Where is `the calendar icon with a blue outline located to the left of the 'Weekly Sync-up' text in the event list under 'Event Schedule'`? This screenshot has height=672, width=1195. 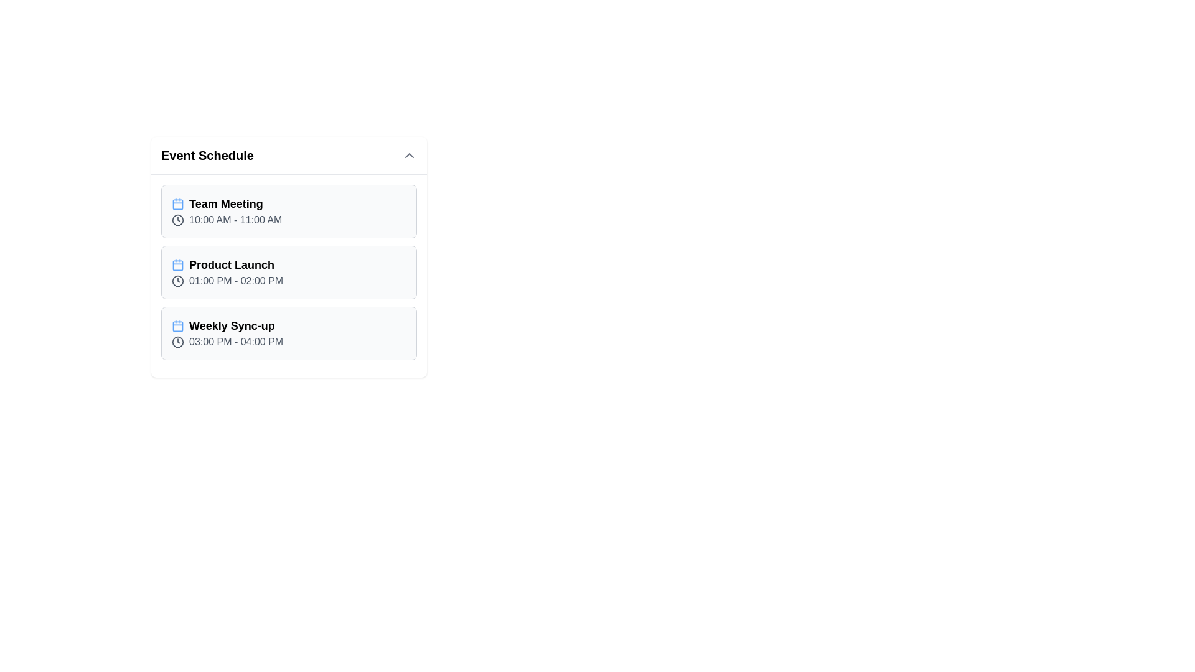 the calendar icon with a blue outline located to the left of the 'Weekly Sync-up' text in the event list under 'Event Schedule' is located at coordinates (177, 325).